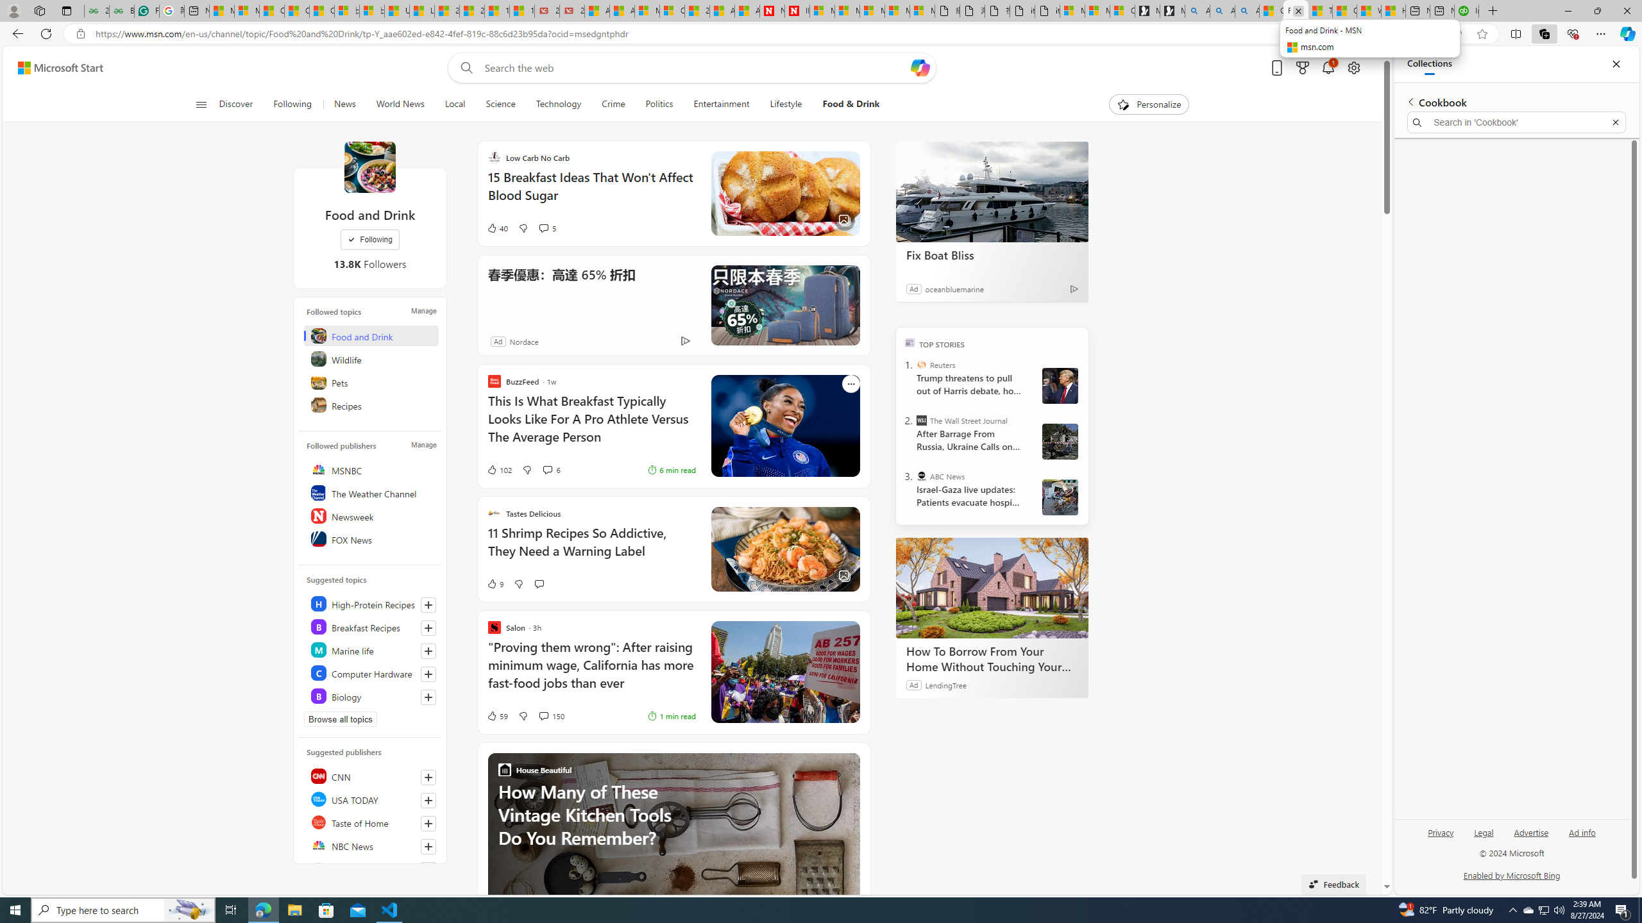 Image resolution: width=1642 pixels, height=923 pixels. What do you see at coordinates (920, 419) in the screenshot?
I see `'The Wall Street Journal'` at bounding box center [920, 419].